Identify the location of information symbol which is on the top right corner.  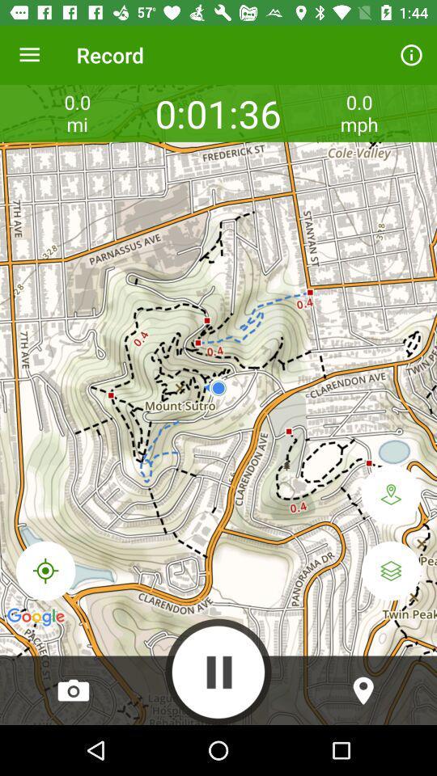
(411, 55).